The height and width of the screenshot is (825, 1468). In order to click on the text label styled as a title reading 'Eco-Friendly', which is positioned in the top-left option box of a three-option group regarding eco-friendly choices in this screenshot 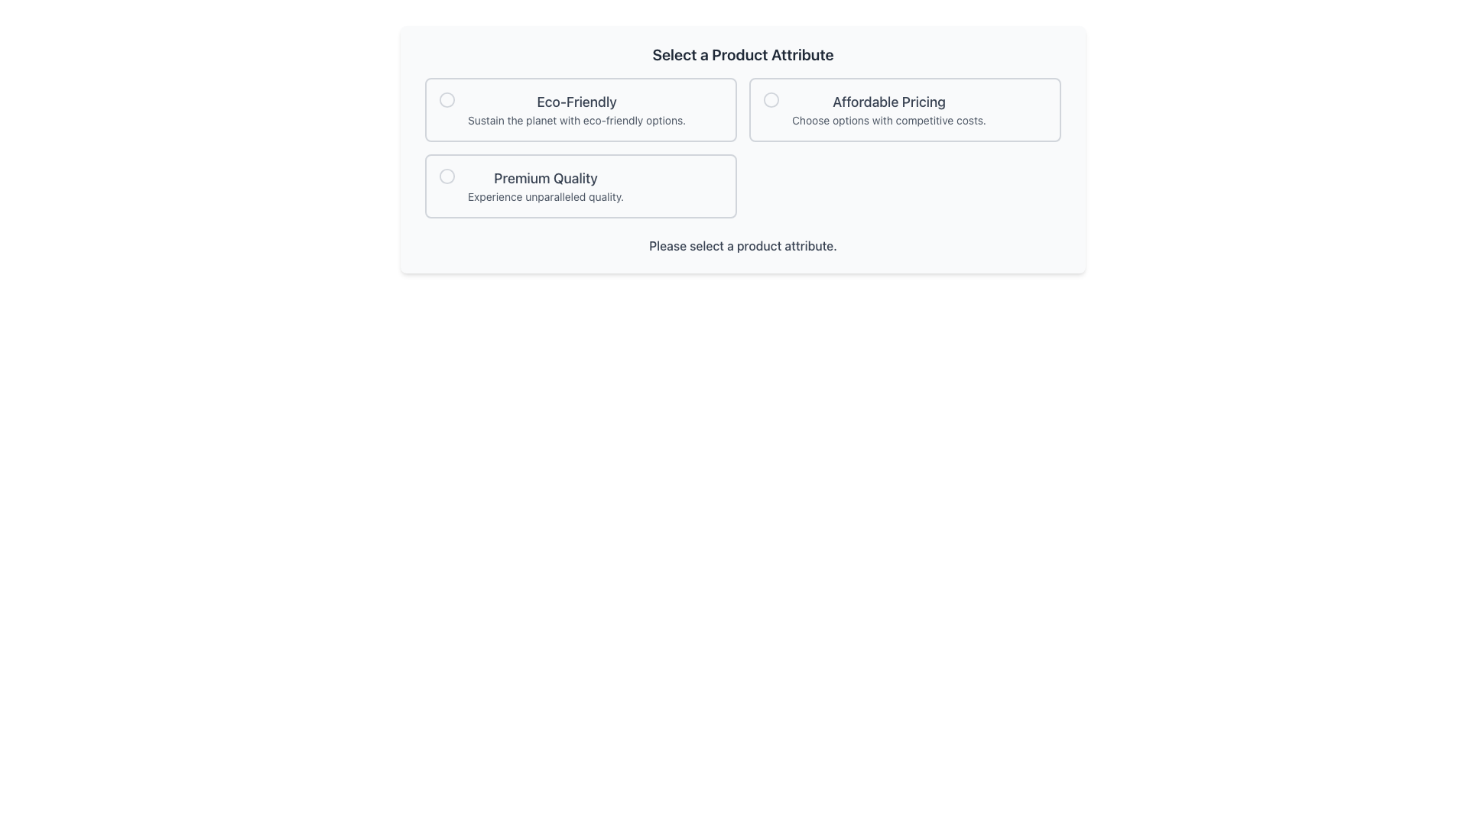, I will do `click(576, 102)`.